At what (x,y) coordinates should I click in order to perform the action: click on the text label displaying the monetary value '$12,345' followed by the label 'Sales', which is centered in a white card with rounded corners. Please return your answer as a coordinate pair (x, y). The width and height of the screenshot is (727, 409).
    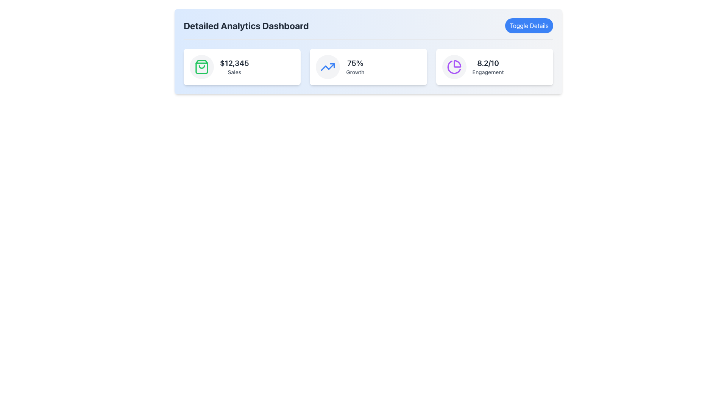
    Looking at the image, I should click on (234, 67).